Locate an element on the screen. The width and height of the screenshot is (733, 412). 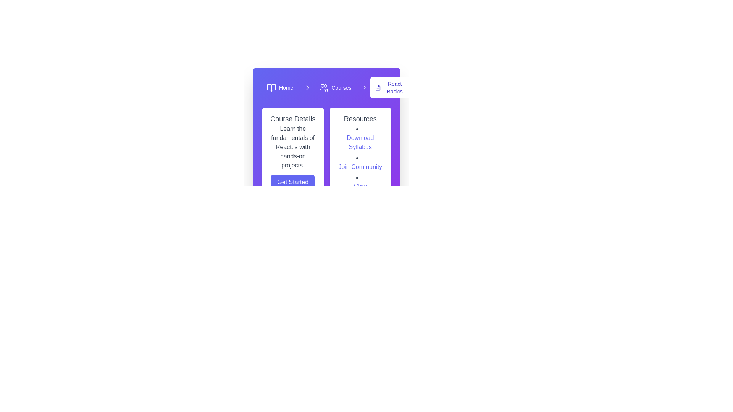
the navigation label that points to the main or home page, located in the top-left section of the interface, to the right of an open book icon and left of a right-arrow indicator is located at coordinates (286, 87).